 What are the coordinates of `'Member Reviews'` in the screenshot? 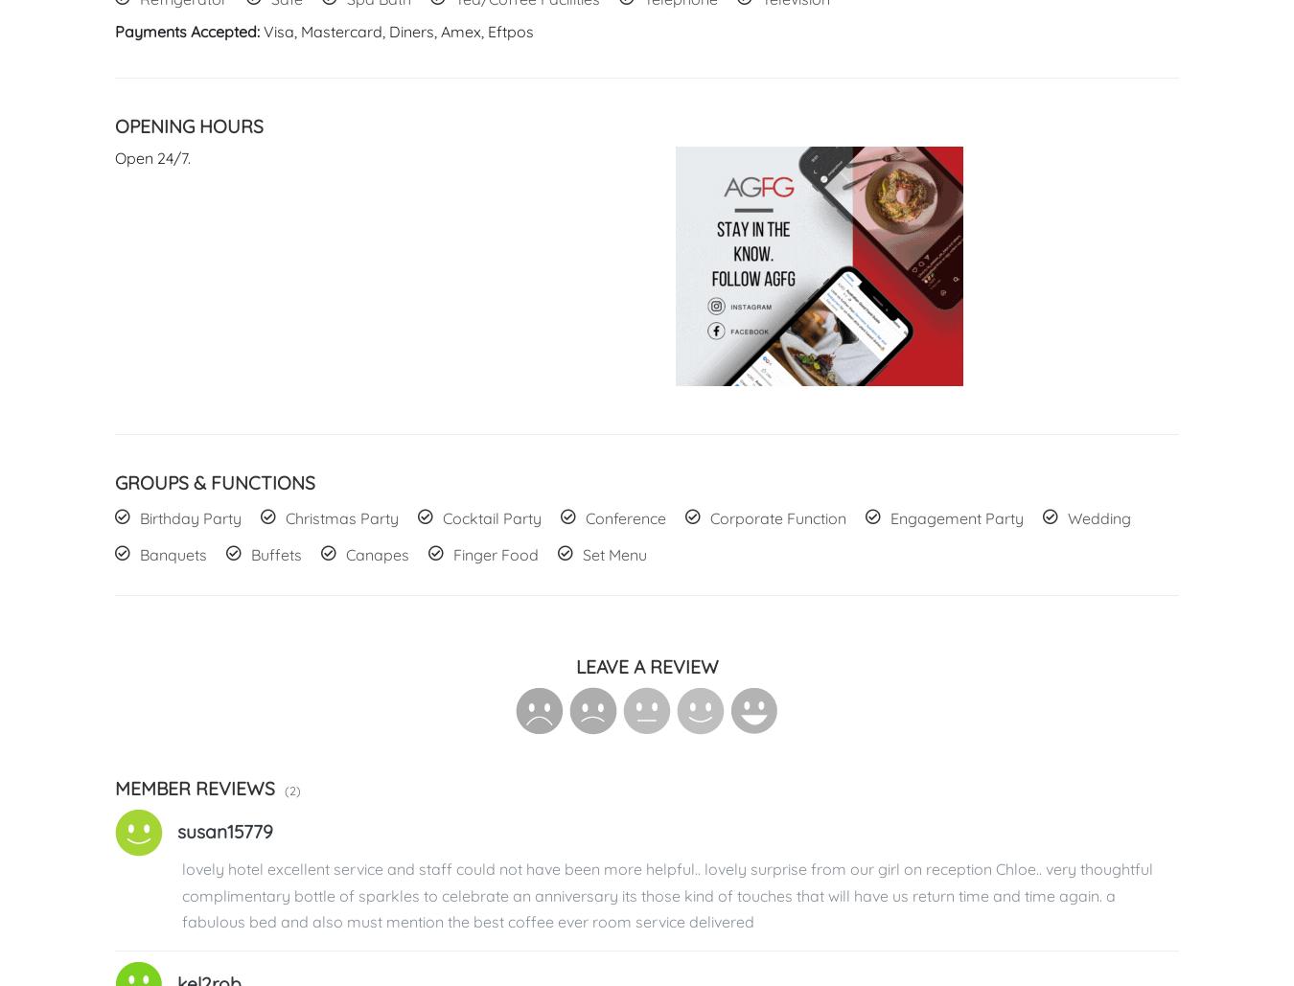 It's located at (197, 787).